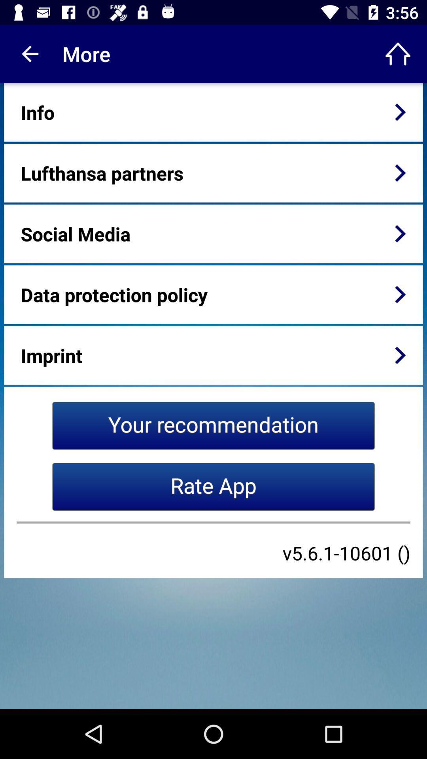  I want to click on the item above the rate app icon, so click(213, 425).